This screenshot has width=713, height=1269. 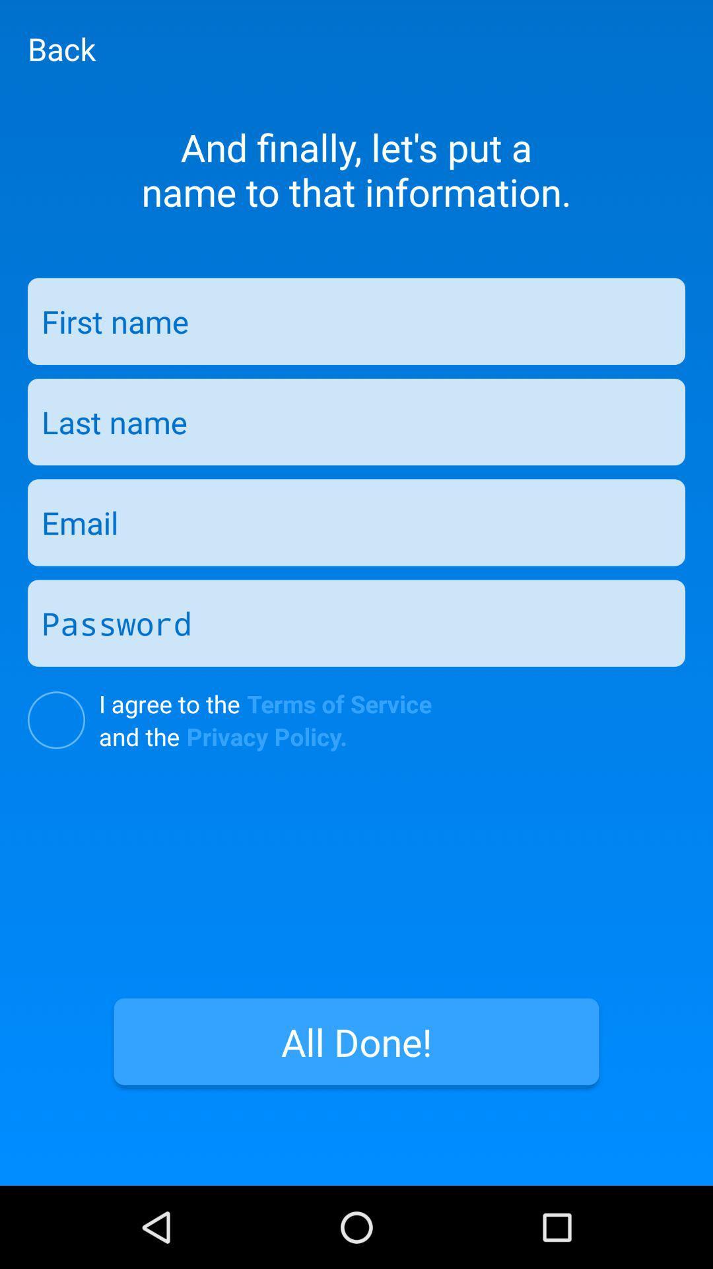 What do you see at coordinates (55, 719) in the screenshot?
I see `radio button to agree with the terms` at bounding box center [55, 719].